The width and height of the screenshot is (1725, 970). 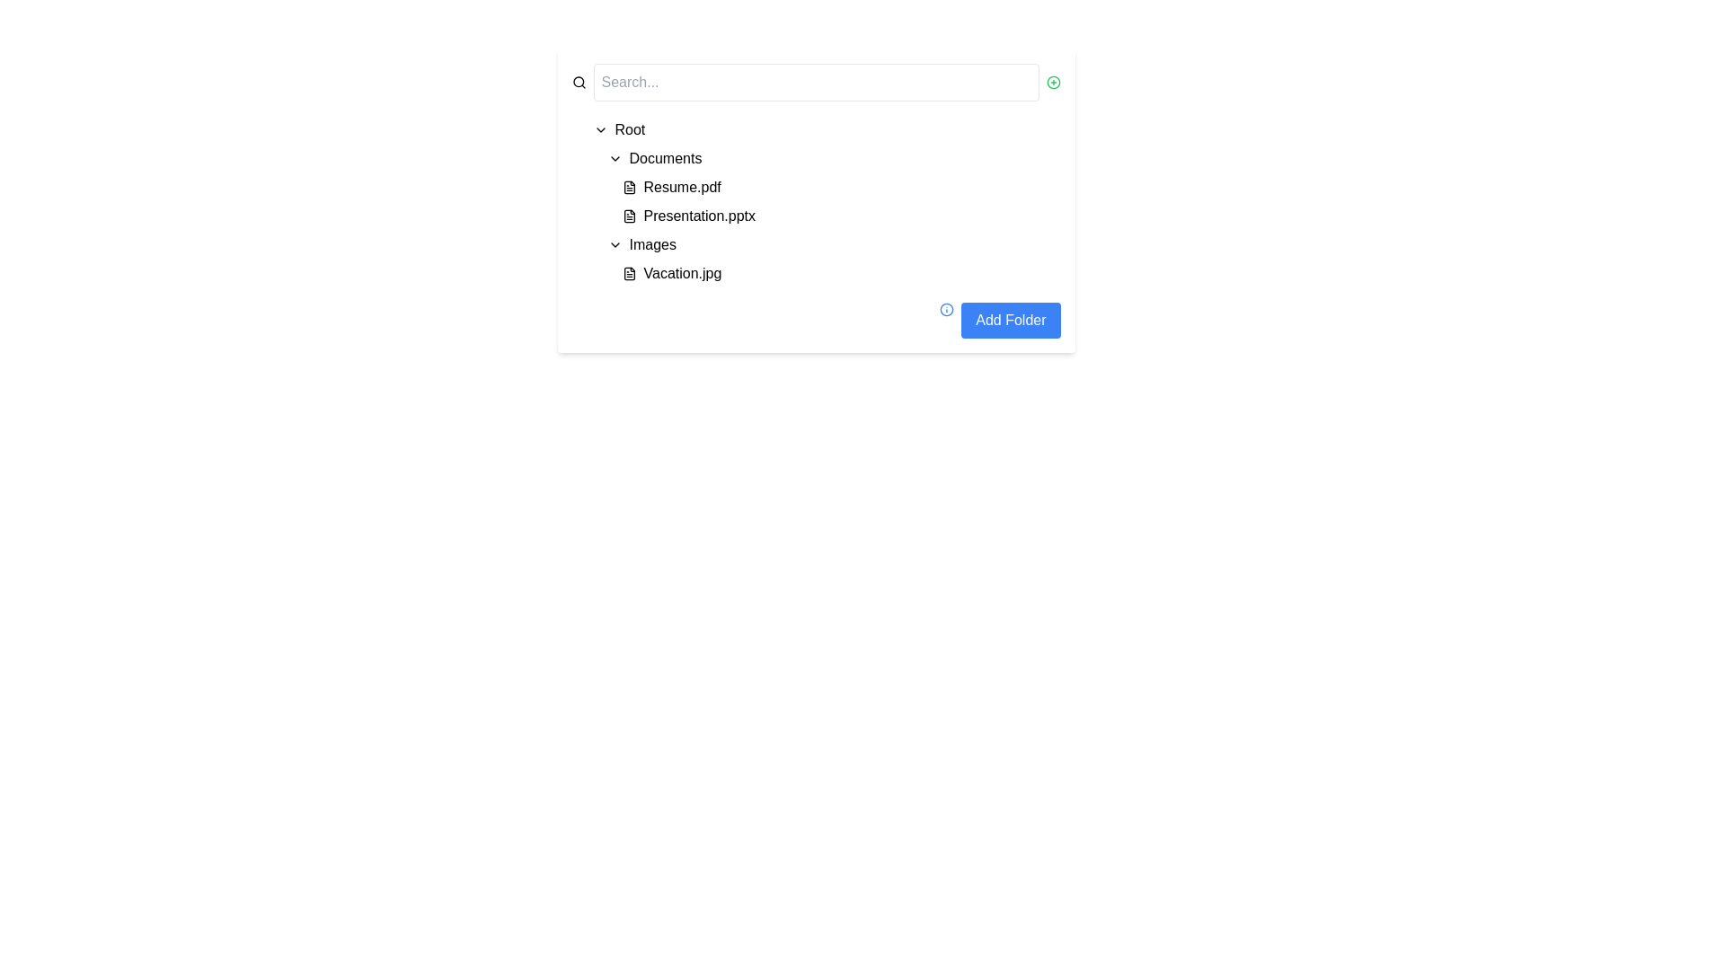 I want to click on the File entry labeled 'Vacation.jpg' in the 'Images' folder, so click(x=836, y=273).